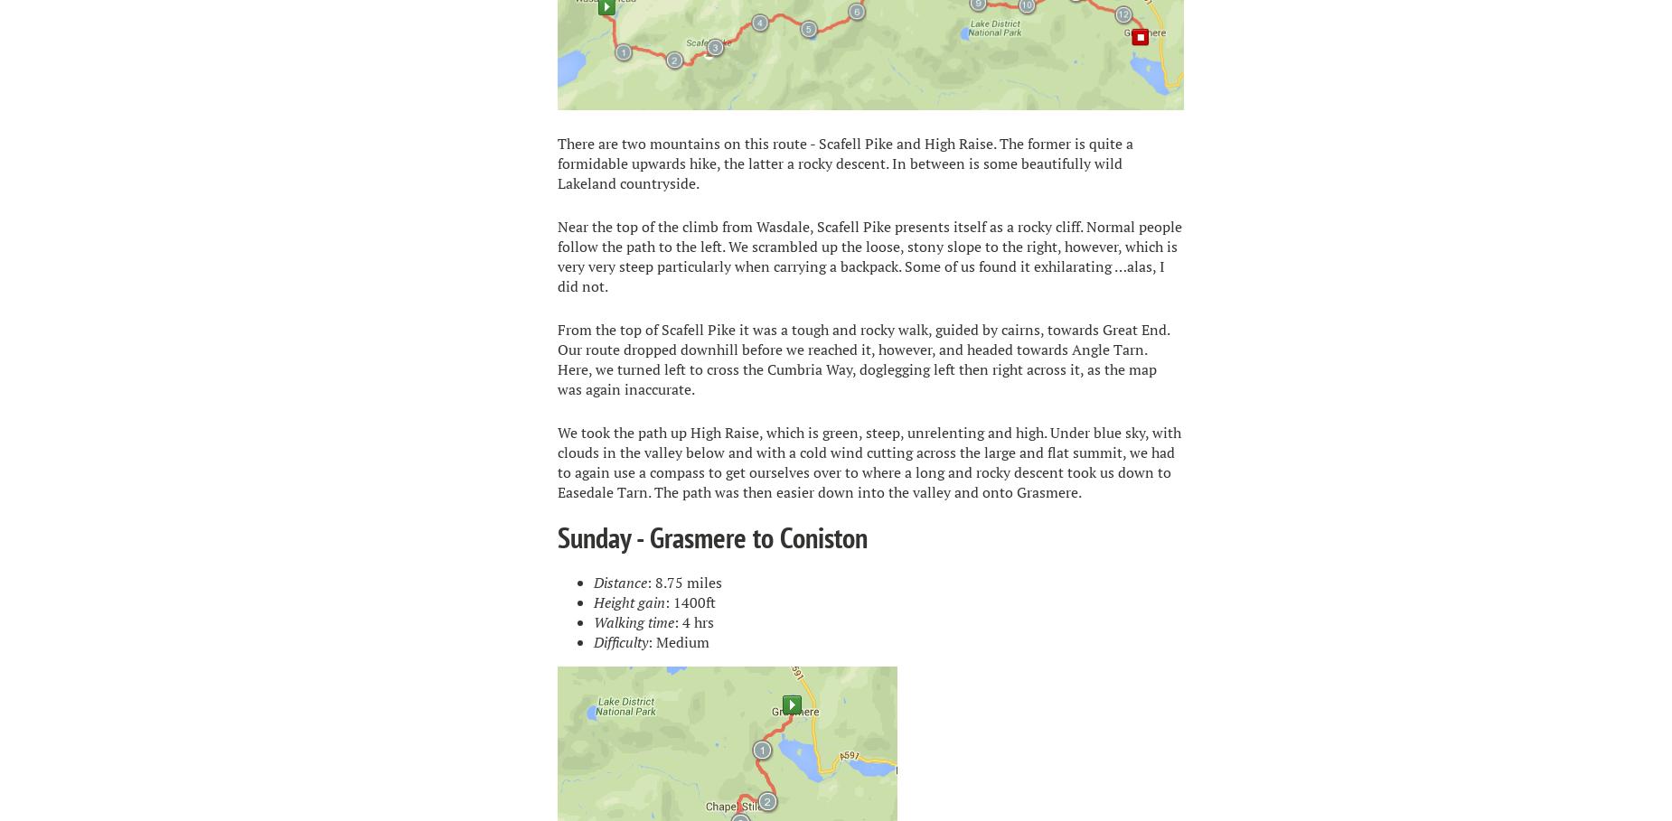 This screenshot has width=1672, height=821. Describe the element at coordinates (711, 536) in the screenshot. I see `'Sunday - Grasmere to Coniston'` at that location.